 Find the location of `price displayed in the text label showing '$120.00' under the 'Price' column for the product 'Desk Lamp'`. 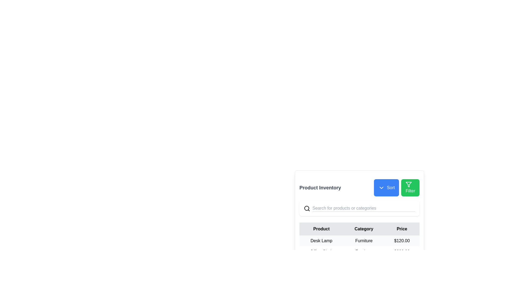

price displayed in the text label showing '$120.00' under the 'Price' column for the product 'Desk Lamp' is located at coordinates (402, 241).